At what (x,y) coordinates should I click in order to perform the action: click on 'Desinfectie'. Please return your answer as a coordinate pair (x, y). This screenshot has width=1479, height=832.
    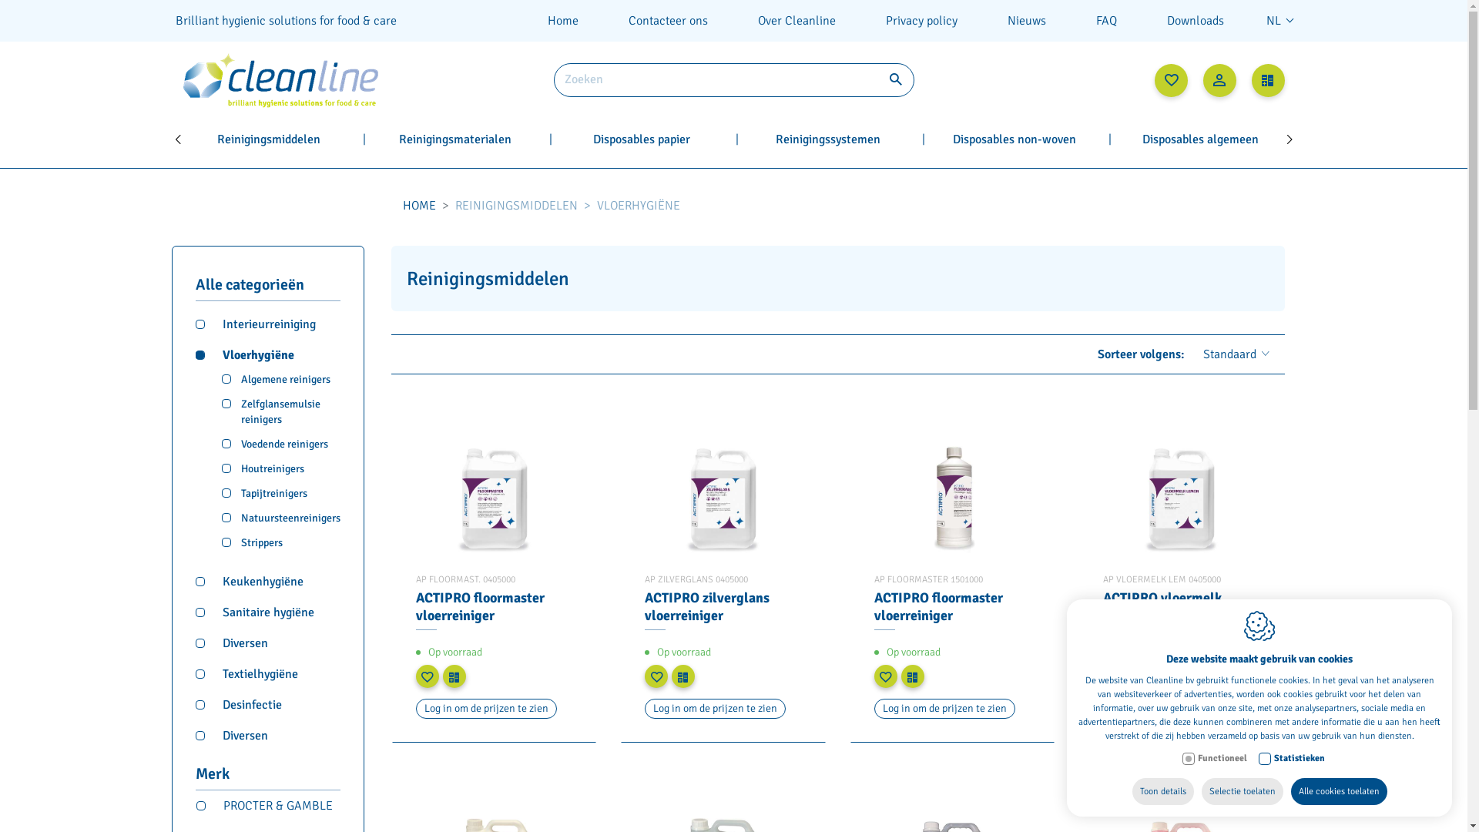
    Looking at the image, I should click on (267, 697).